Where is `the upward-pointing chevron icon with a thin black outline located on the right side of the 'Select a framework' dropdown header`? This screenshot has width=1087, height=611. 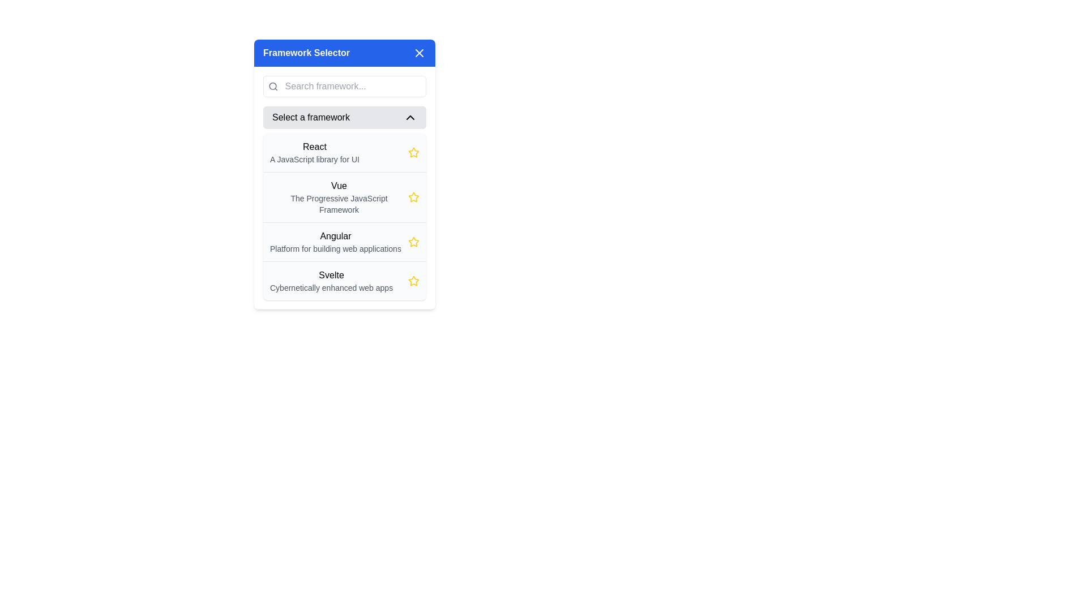 the upward-pointing chevron icon with a thin black outline located on the right side of the 'Select a framework' dropdown header is located at coordinates (409, 118).